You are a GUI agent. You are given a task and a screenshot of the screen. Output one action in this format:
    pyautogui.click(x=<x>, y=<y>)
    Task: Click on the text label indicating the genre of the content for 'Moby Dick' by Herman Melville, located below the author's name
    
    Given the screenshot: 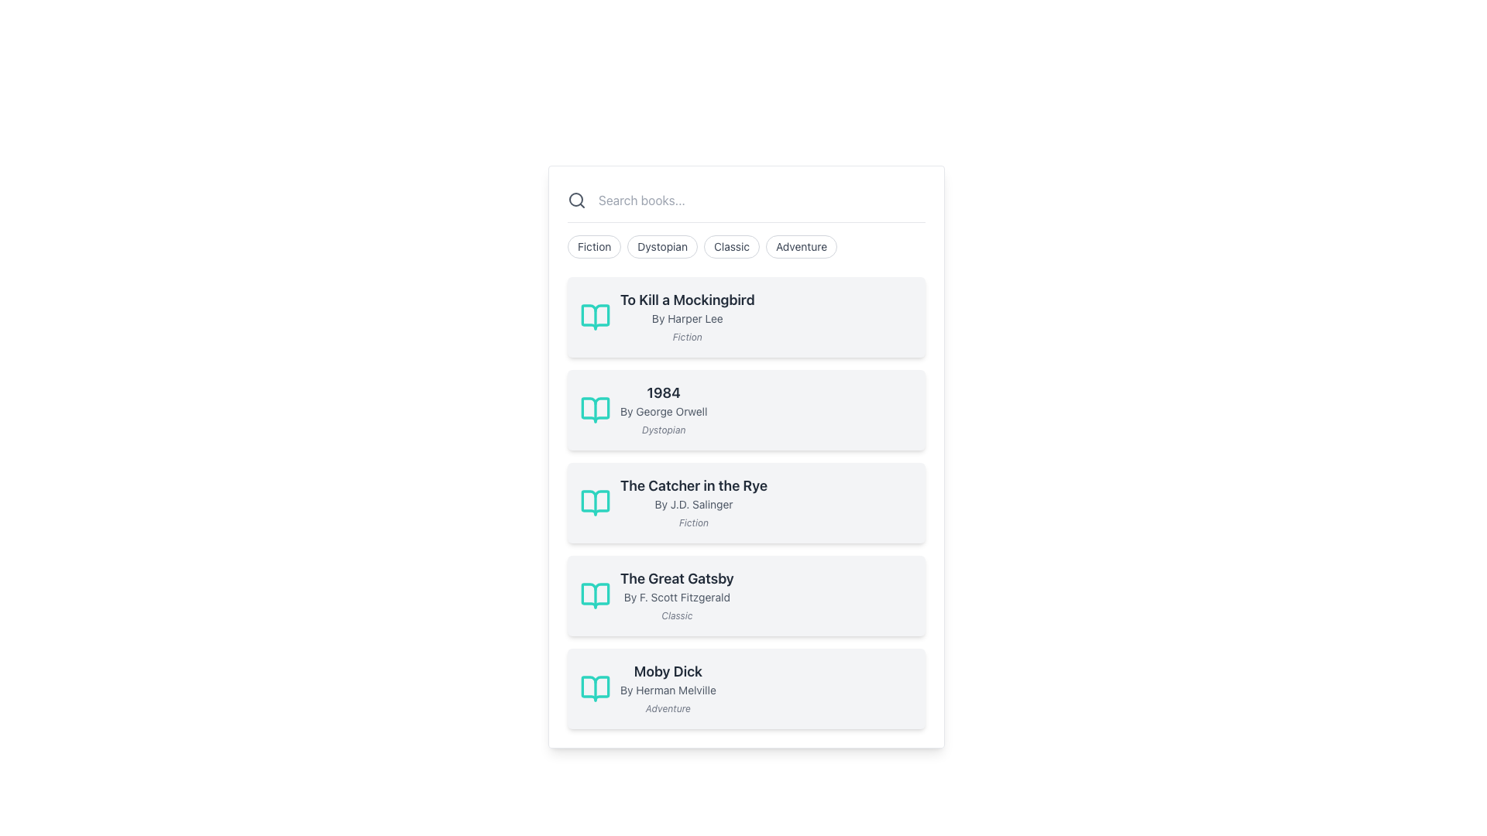 What is the action you would take?
    pyautogui.click(x=668, y=708)
    